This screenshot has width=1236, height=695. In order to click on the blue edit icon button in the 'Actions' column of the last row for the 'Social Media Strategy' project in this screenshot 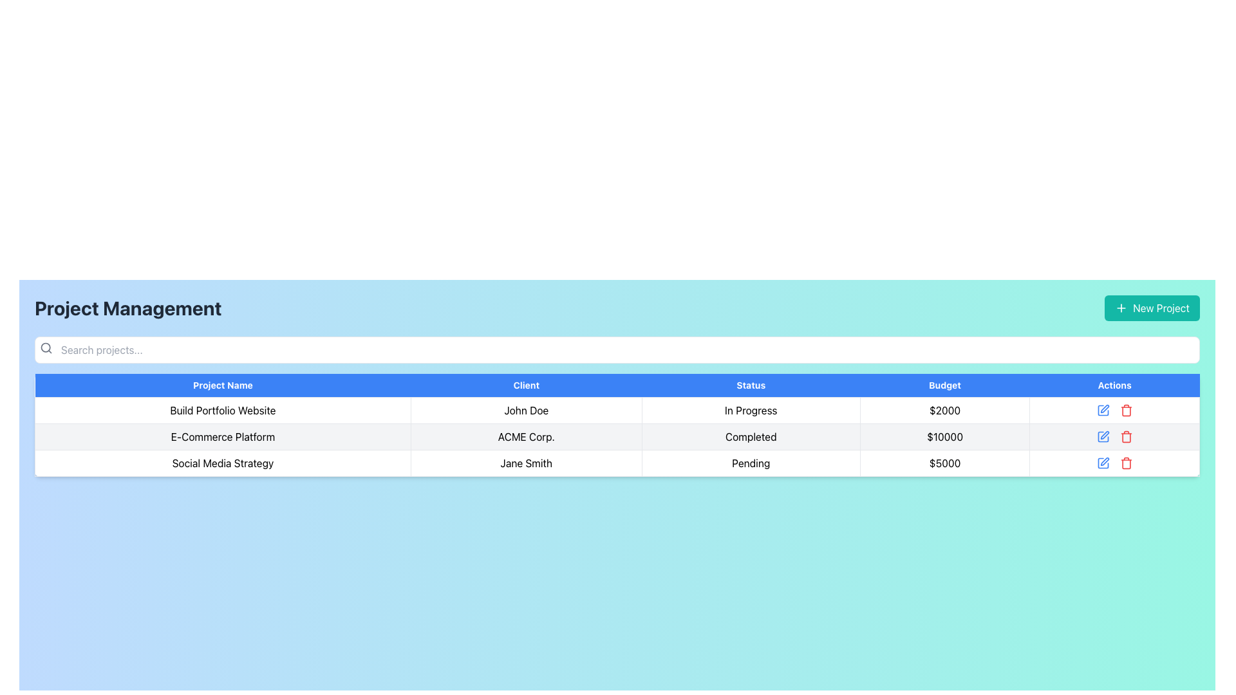, I will do `click(1102, 463)`.